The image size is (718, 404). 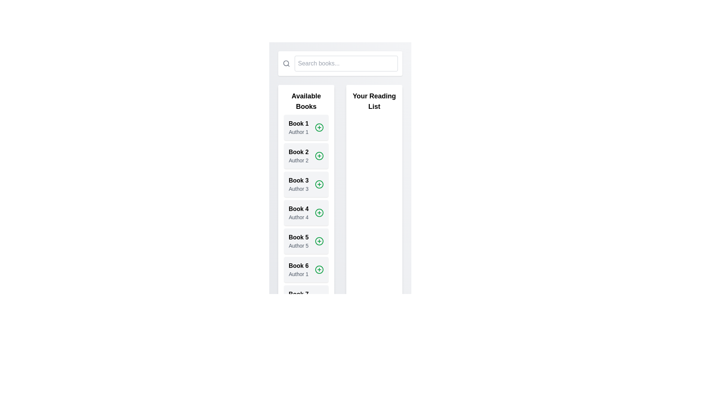 I want to click on the text-based informational display element that shows the title and author of a book, positioned in the second row under 'Available Books', aligned with a green circular button with a plus sign to its right, so click(x=298, y=155).